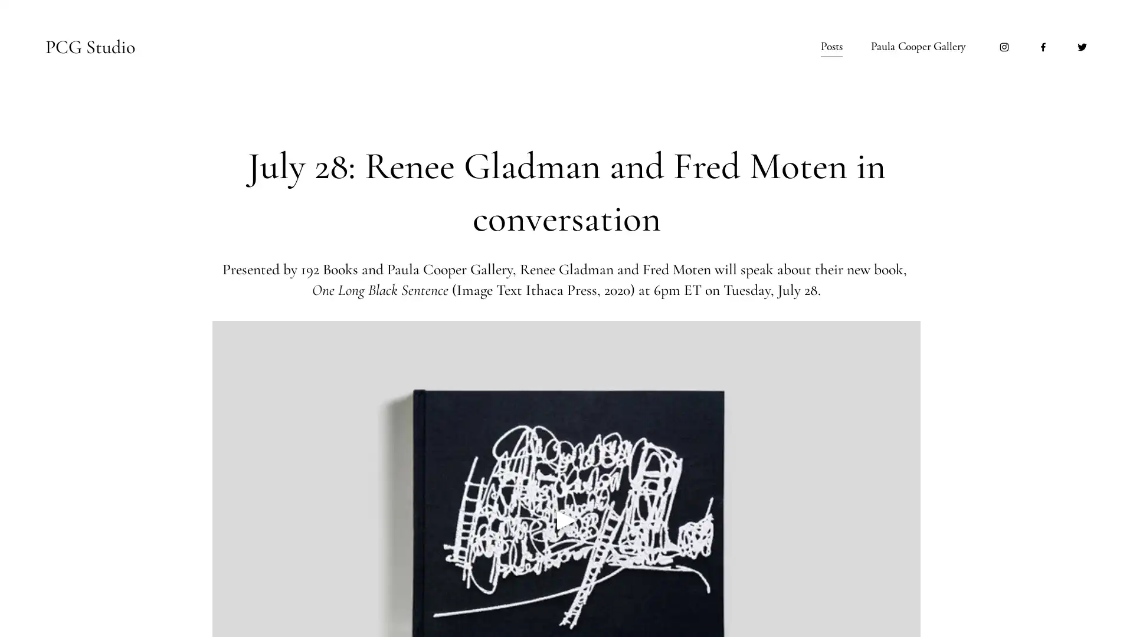 The image size is (1133, 637). What do you see at coordinates (566, 518) in the screenshot?
I see `Play` at bounding box center [566, 518].